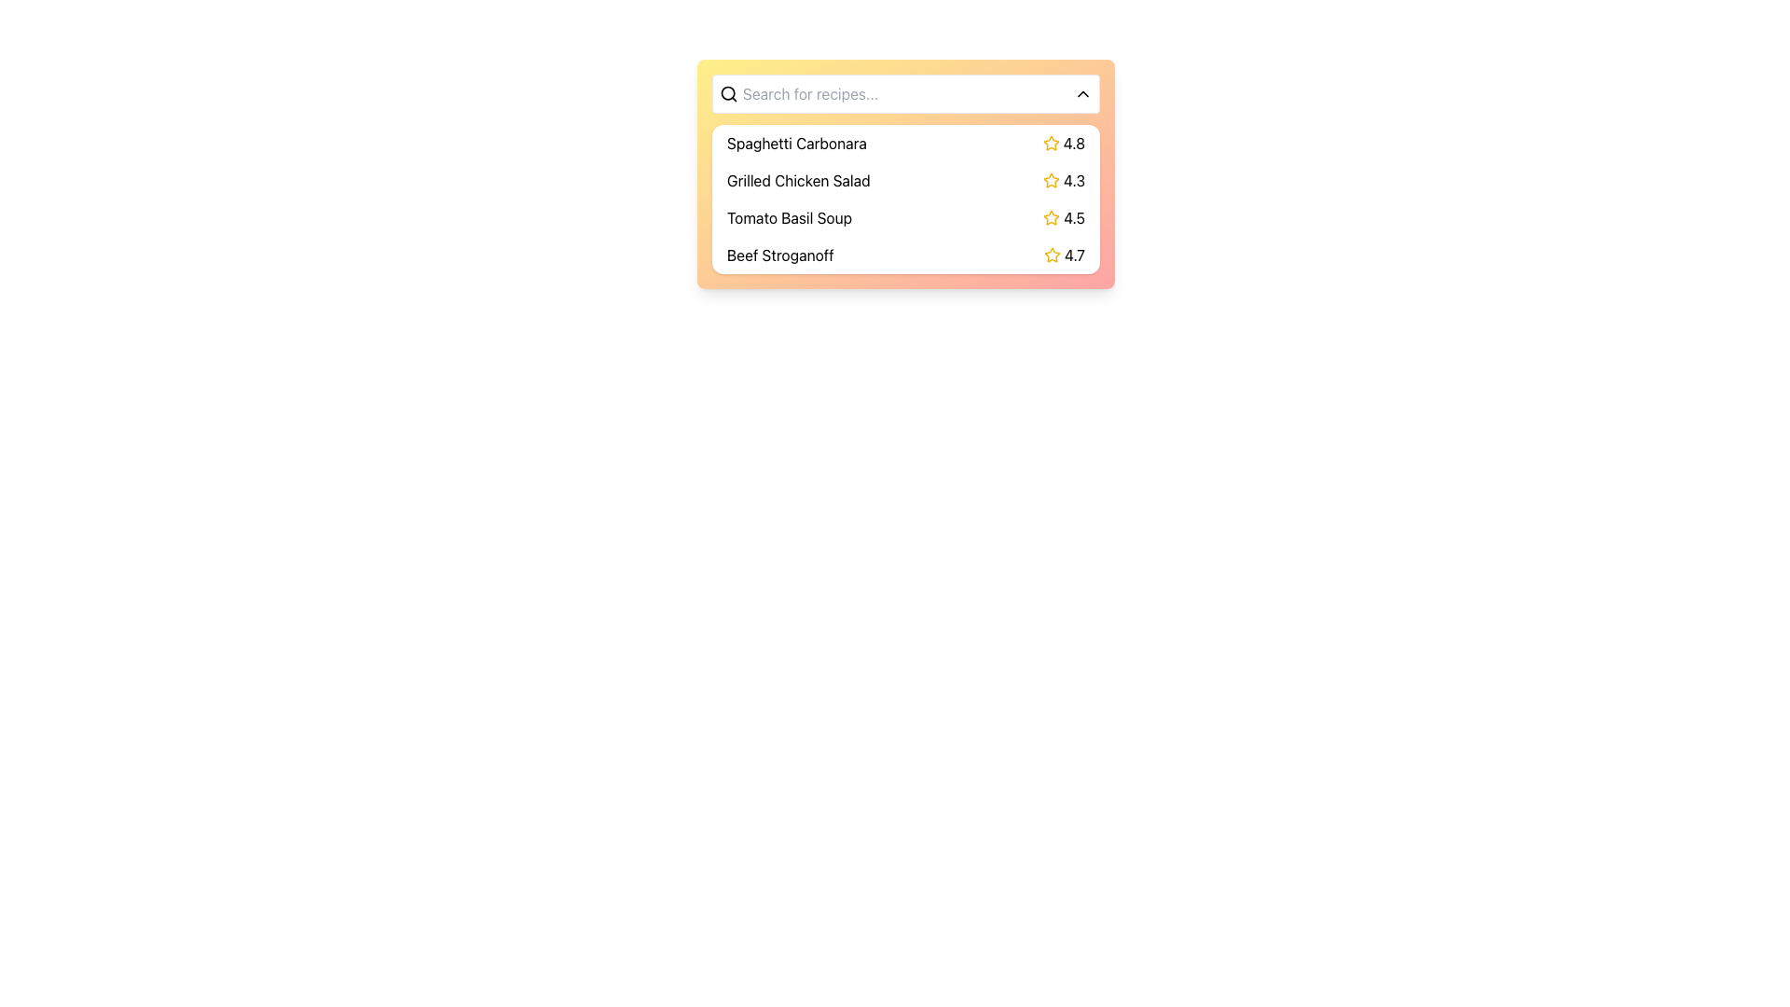  I want to click on the star icon representing the rating metric for 'Grilled Chicken Salad' located beside the text '4.3' in the second entry of the list, so click(1051, 180).